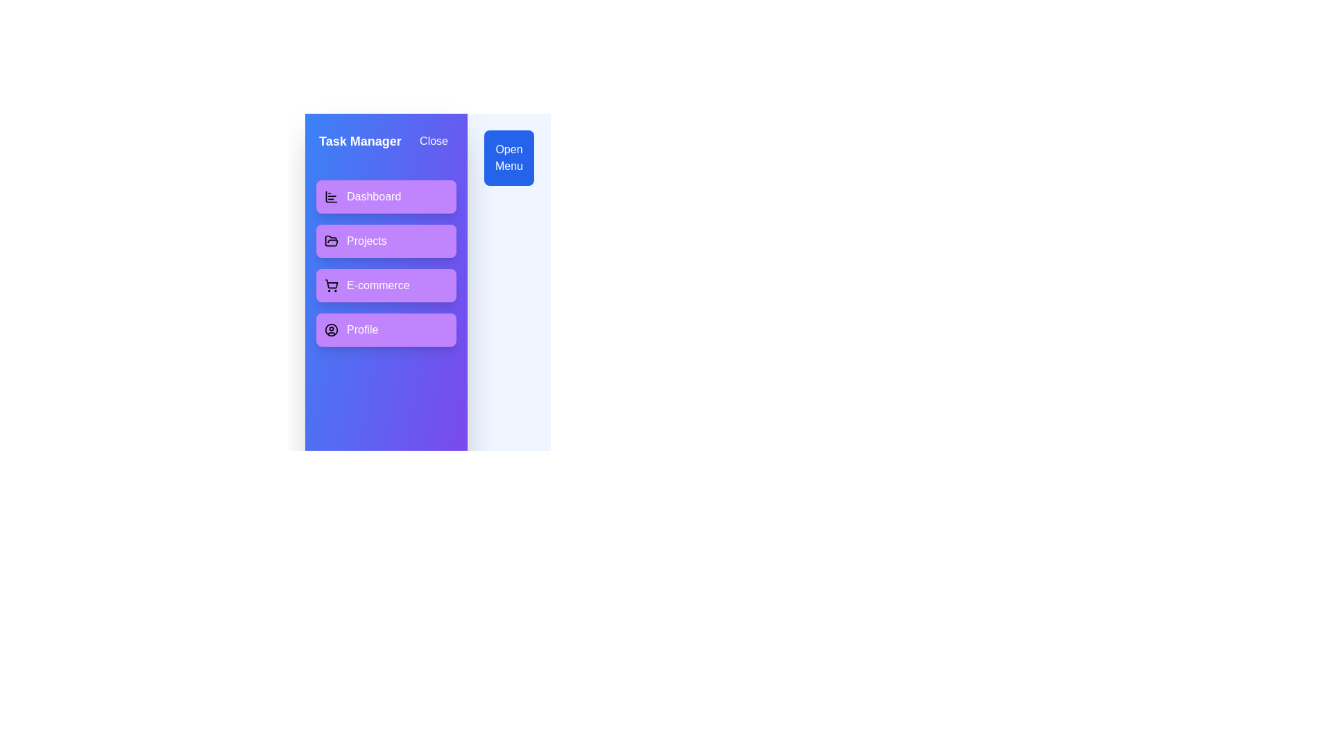 The width and height of the screenshot is (1332, 749). I want to click on the Profile task item, so click(386, 329).